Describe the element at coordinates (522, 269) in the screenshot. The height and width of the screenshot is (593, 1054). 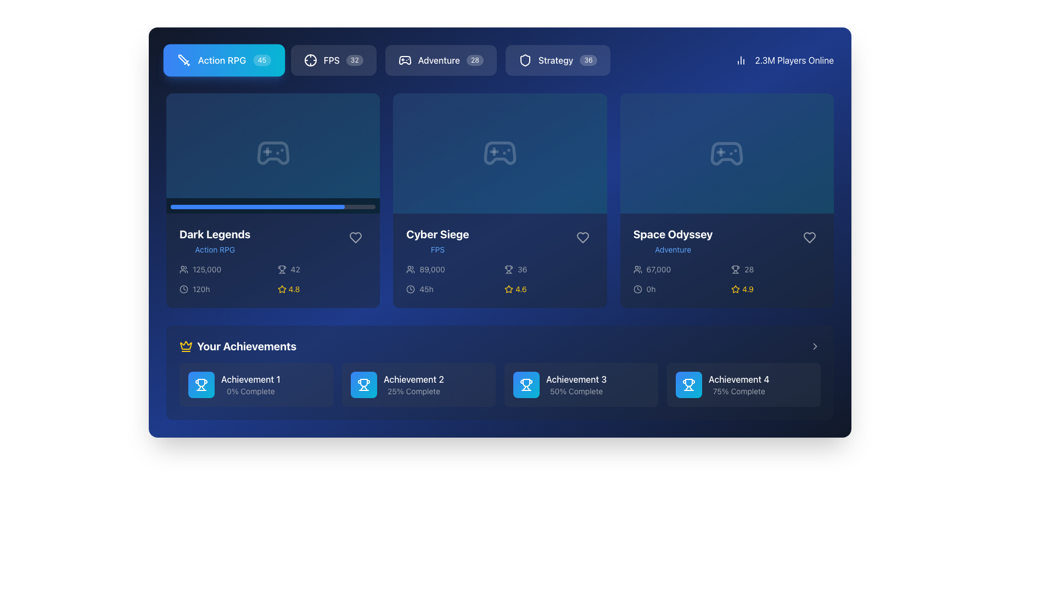
I see `the Text Label displaying '36' in gray font, located on the 'Cyber Siege' card, adjacent to the trophy icon` at that location.